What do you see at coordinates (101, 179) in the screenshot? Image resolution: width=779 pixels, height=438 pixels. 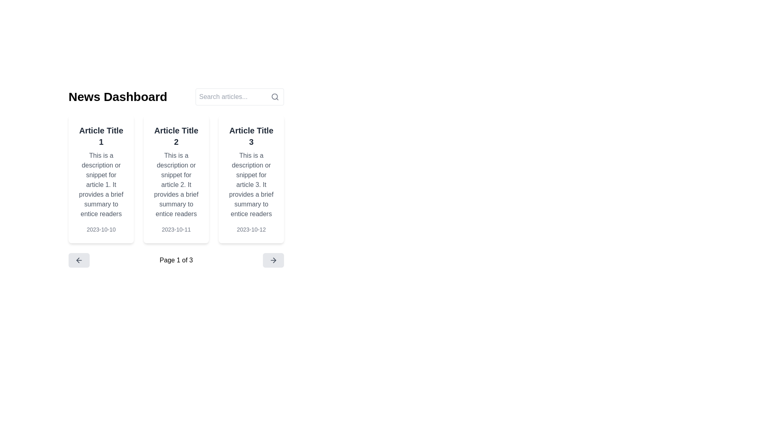 I see `the Information card, which is the leftmost card in a grid layout displaying summarized article information, located above the pagination bar` at bounding box center [101, 179].